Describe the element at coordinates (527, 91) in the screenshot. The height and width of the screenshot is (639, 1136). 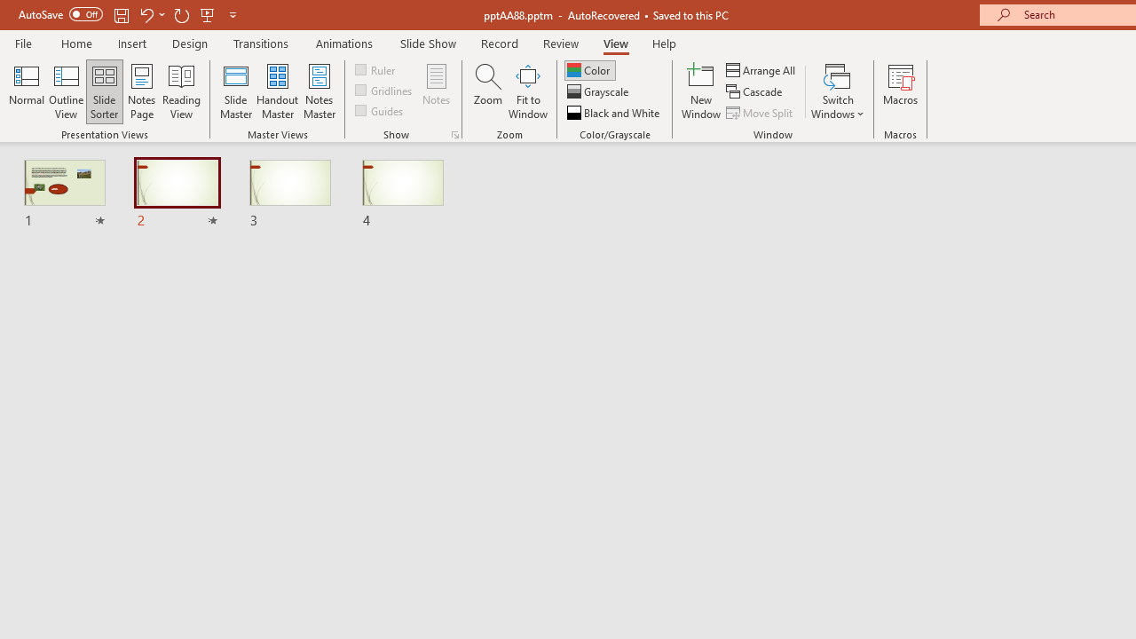
I see `'Fit to Window'` at that location.